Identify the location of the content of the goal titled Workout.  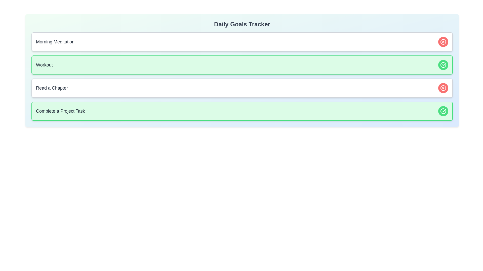
(44, 64).